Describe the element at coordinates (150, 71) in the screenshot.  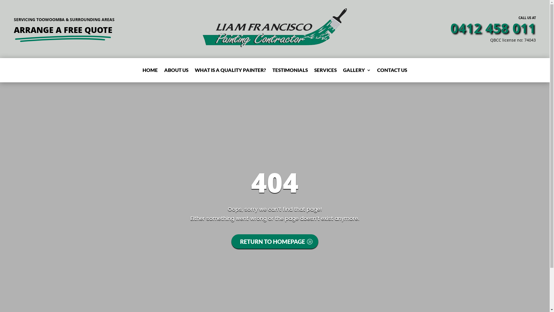
I see `'HOME'` at that location.